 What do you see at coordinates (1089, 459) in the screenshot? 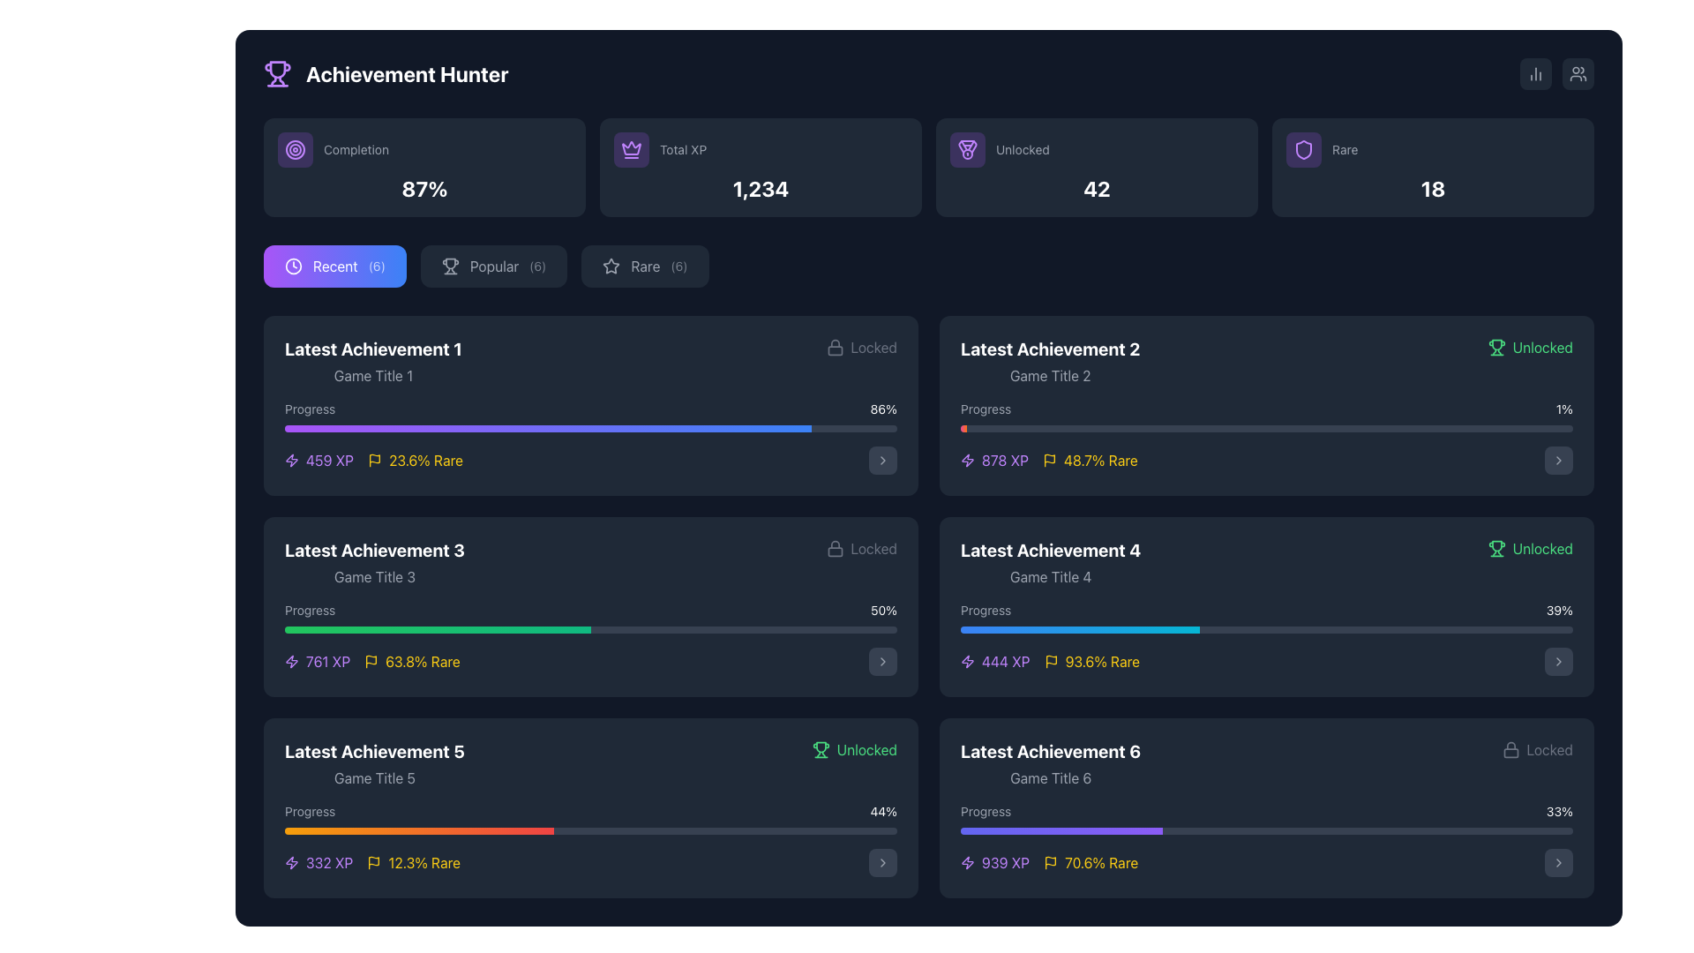
I see `the yellow text displaying '48.7% Rare' alongside the flag icon, located in the second rectangular achievement block in the second column of the interface` at bounding box center [1089, 459].